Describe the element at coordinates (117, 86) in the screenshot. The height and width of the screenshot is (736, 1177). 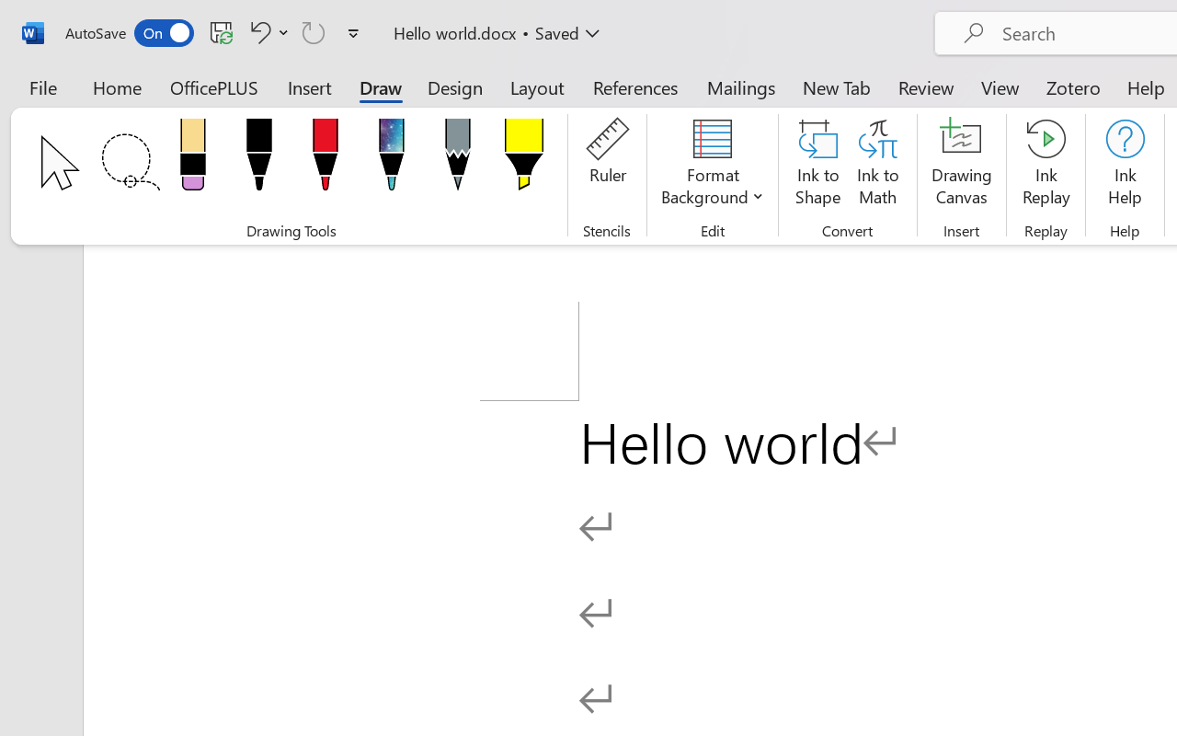
I see `'Home'` at that location.